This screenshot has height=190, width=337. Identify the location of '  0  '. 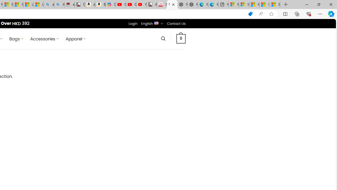
(181, 38).